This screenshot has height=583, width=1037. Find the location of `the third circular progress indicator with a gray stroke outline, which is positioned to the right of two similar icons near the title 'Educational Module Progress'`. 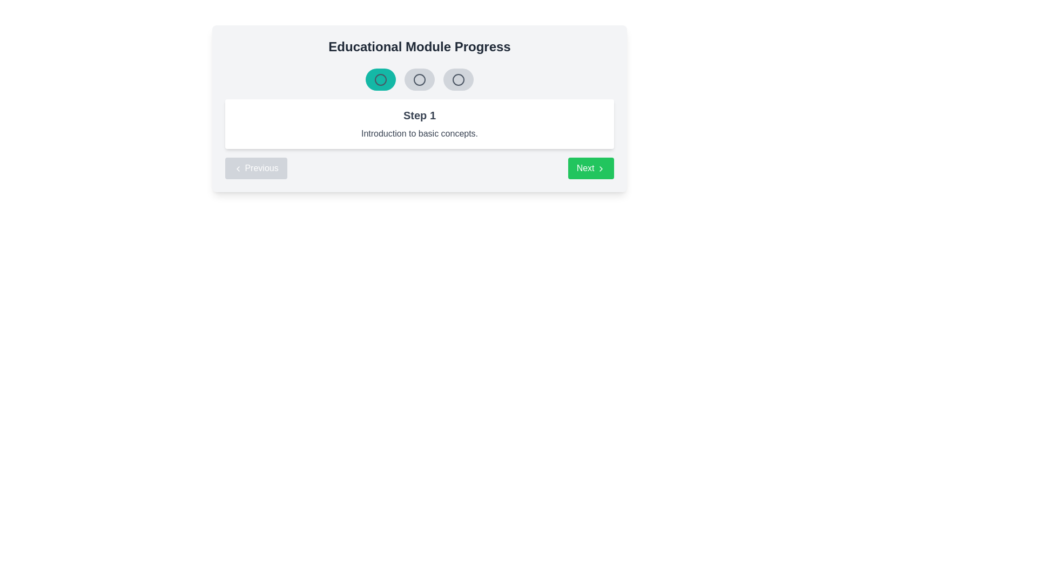

the third circular progress indicator with a gray stroke outline, which is positioned to the right of two similar icons near the title 'Educational Module Progress' is located at coordinates (459, 78).